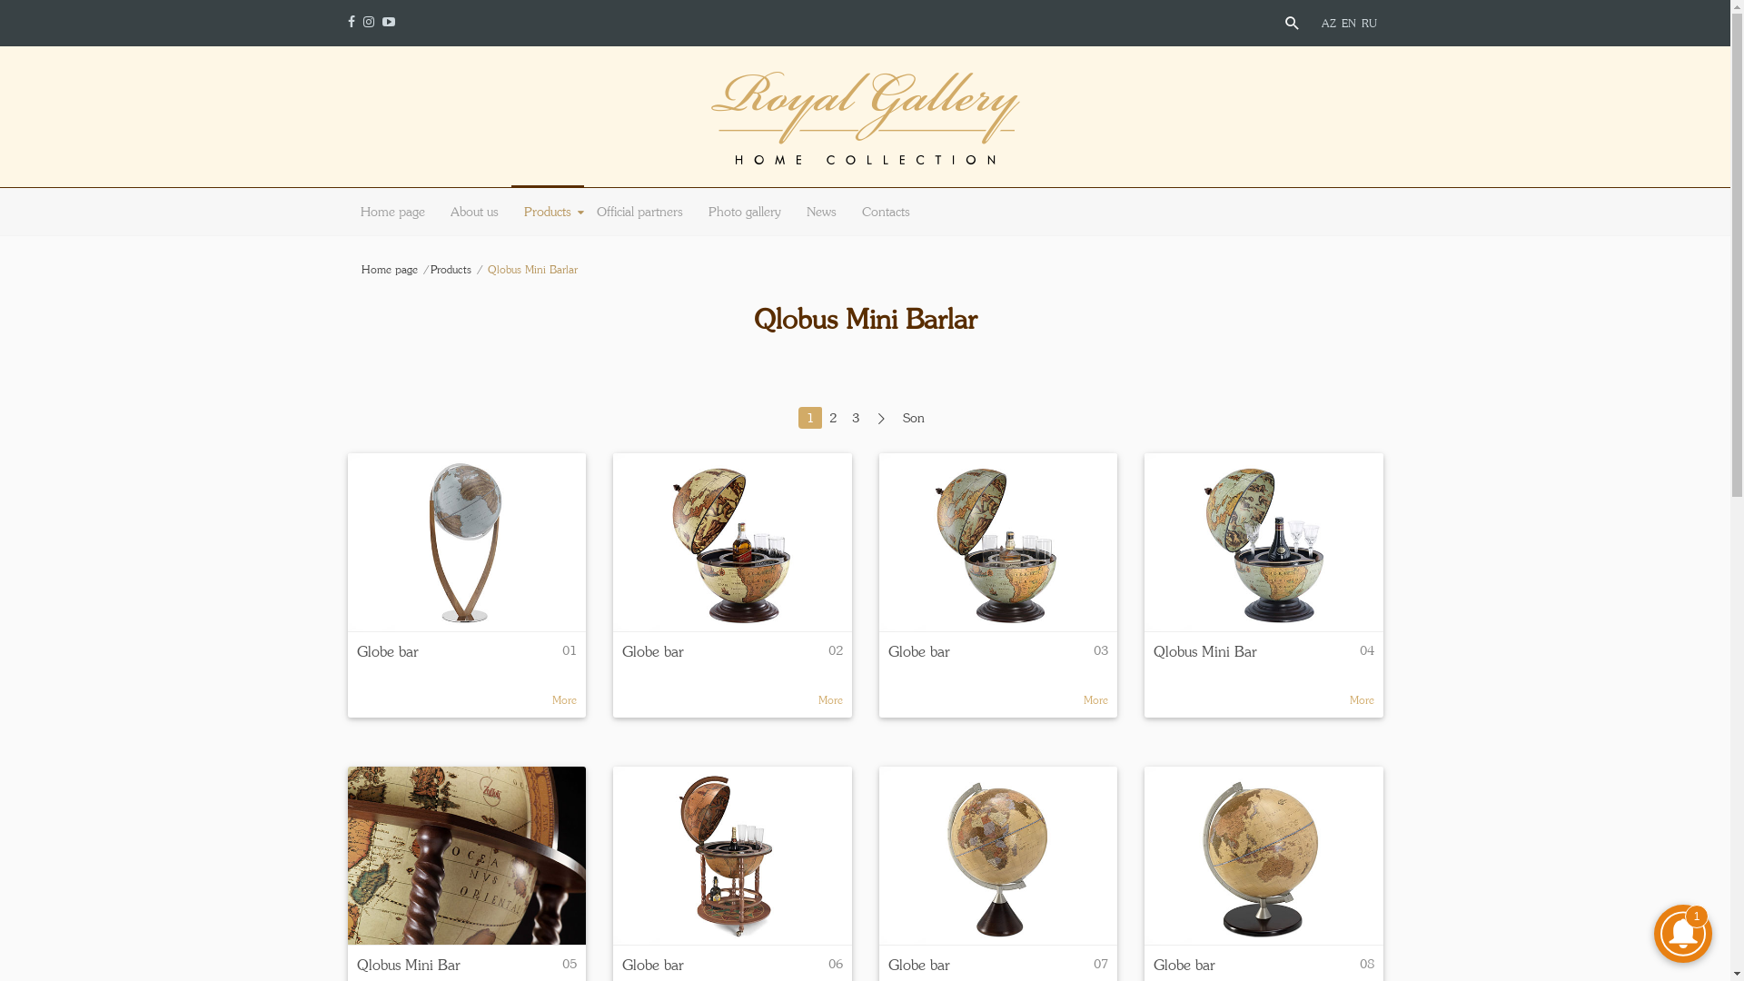 This screenshot has width=1744, height=981. What do you see at coordinates (1263, 540) in the screenshot?
I see `'Qlobus Mini Bar'` at bounding box center [1263, 540].